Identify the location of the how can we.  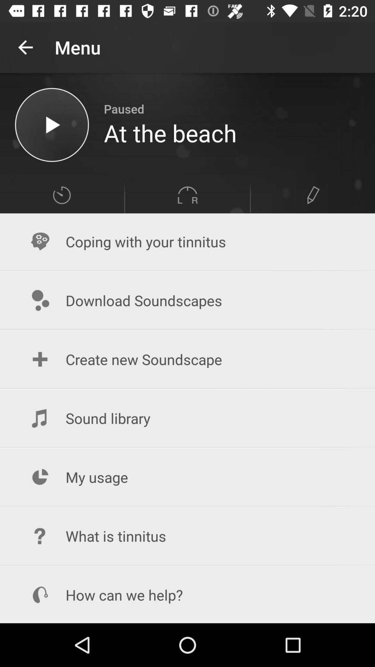
(187, 594).